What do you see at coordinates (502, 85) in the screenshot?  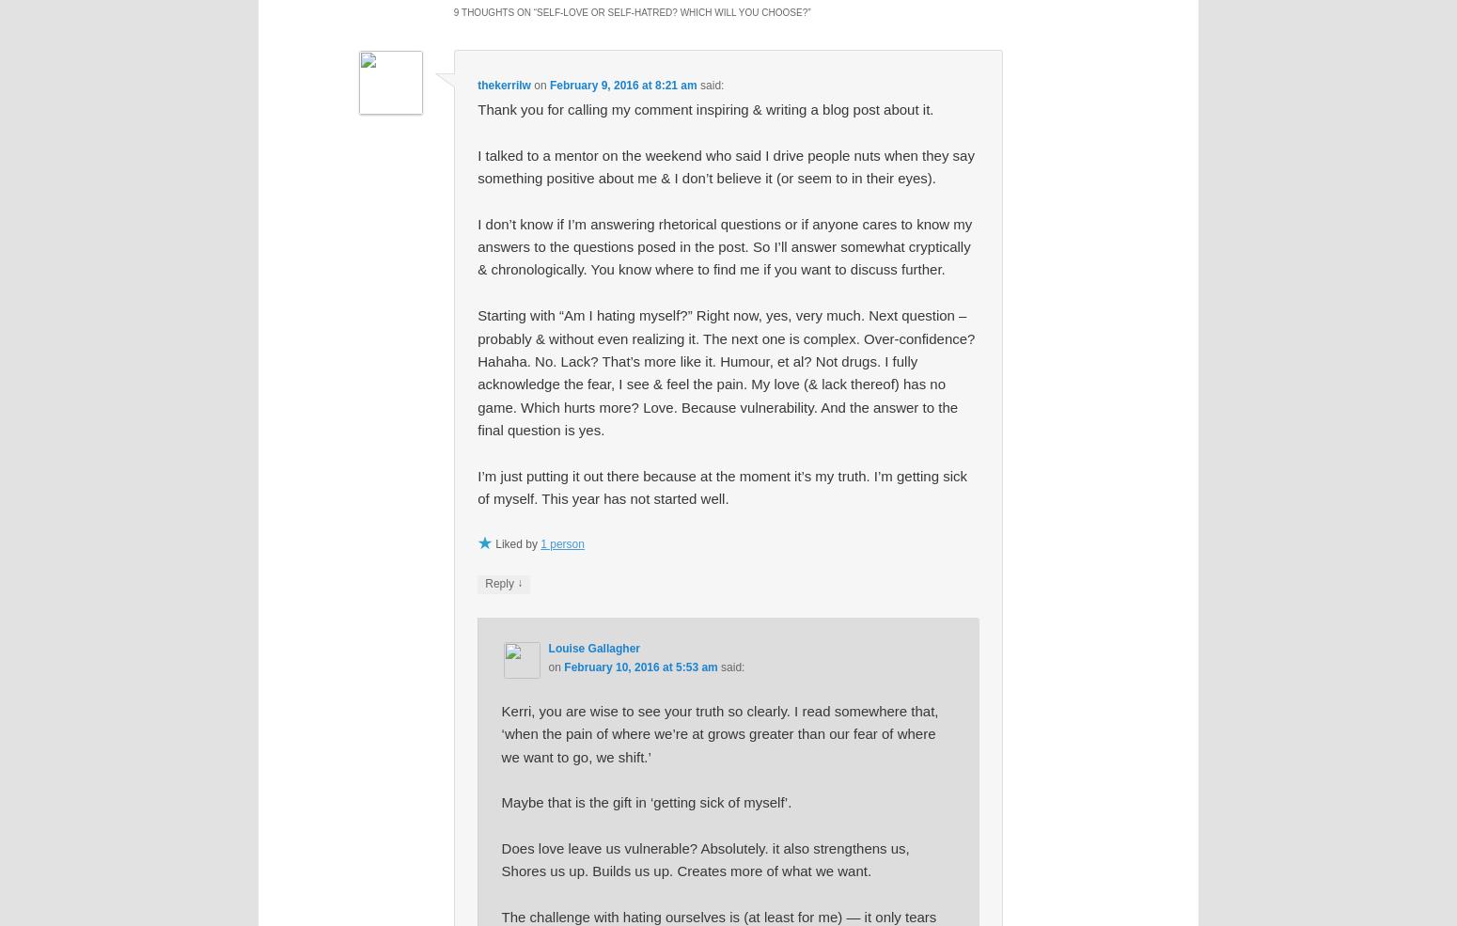 I see `'thekerrilw'` at bounding box center [502, 85].